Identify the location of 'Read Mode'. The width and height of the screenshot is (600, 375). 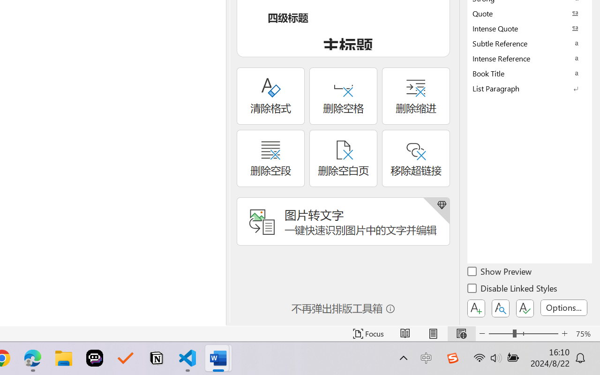
(405, 333).